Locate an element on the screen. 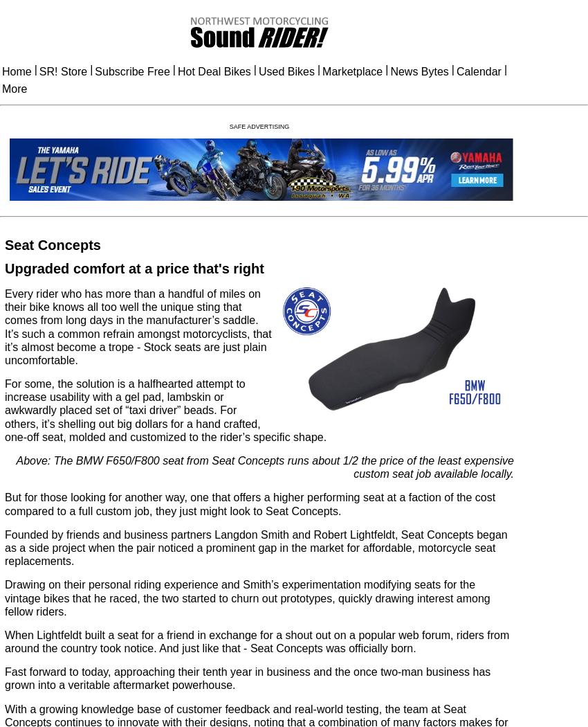 Image resolution: width=588 pixels, height=727 pixels. 'Upgraded comfort at a price that's right' is located at coordinates (133, 268).